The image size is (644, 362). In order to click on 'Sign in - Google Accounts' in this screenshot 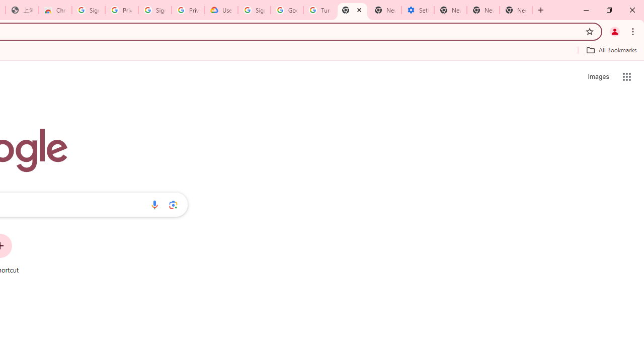, I will do `click(89, 10)`.